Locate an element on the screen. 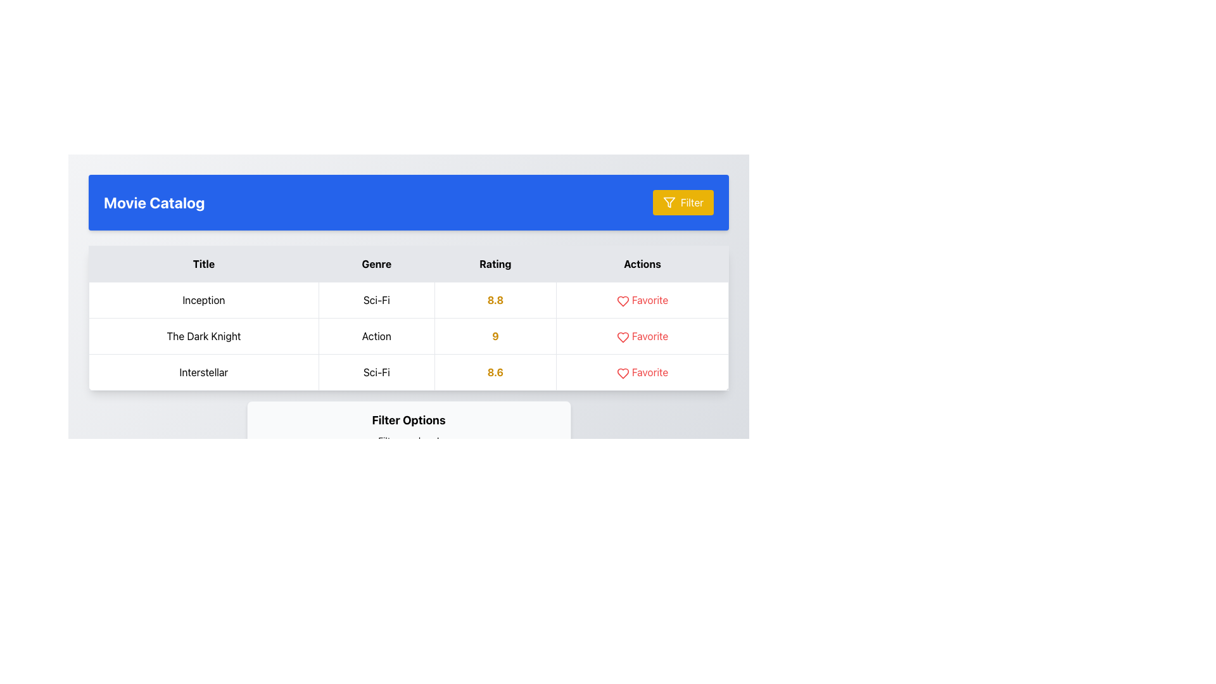  the header text labeled 'Actions', which is styled with a light gray background and bold black font, located as the fourth column header in a table-like structure is located at coordinates (642, 263).